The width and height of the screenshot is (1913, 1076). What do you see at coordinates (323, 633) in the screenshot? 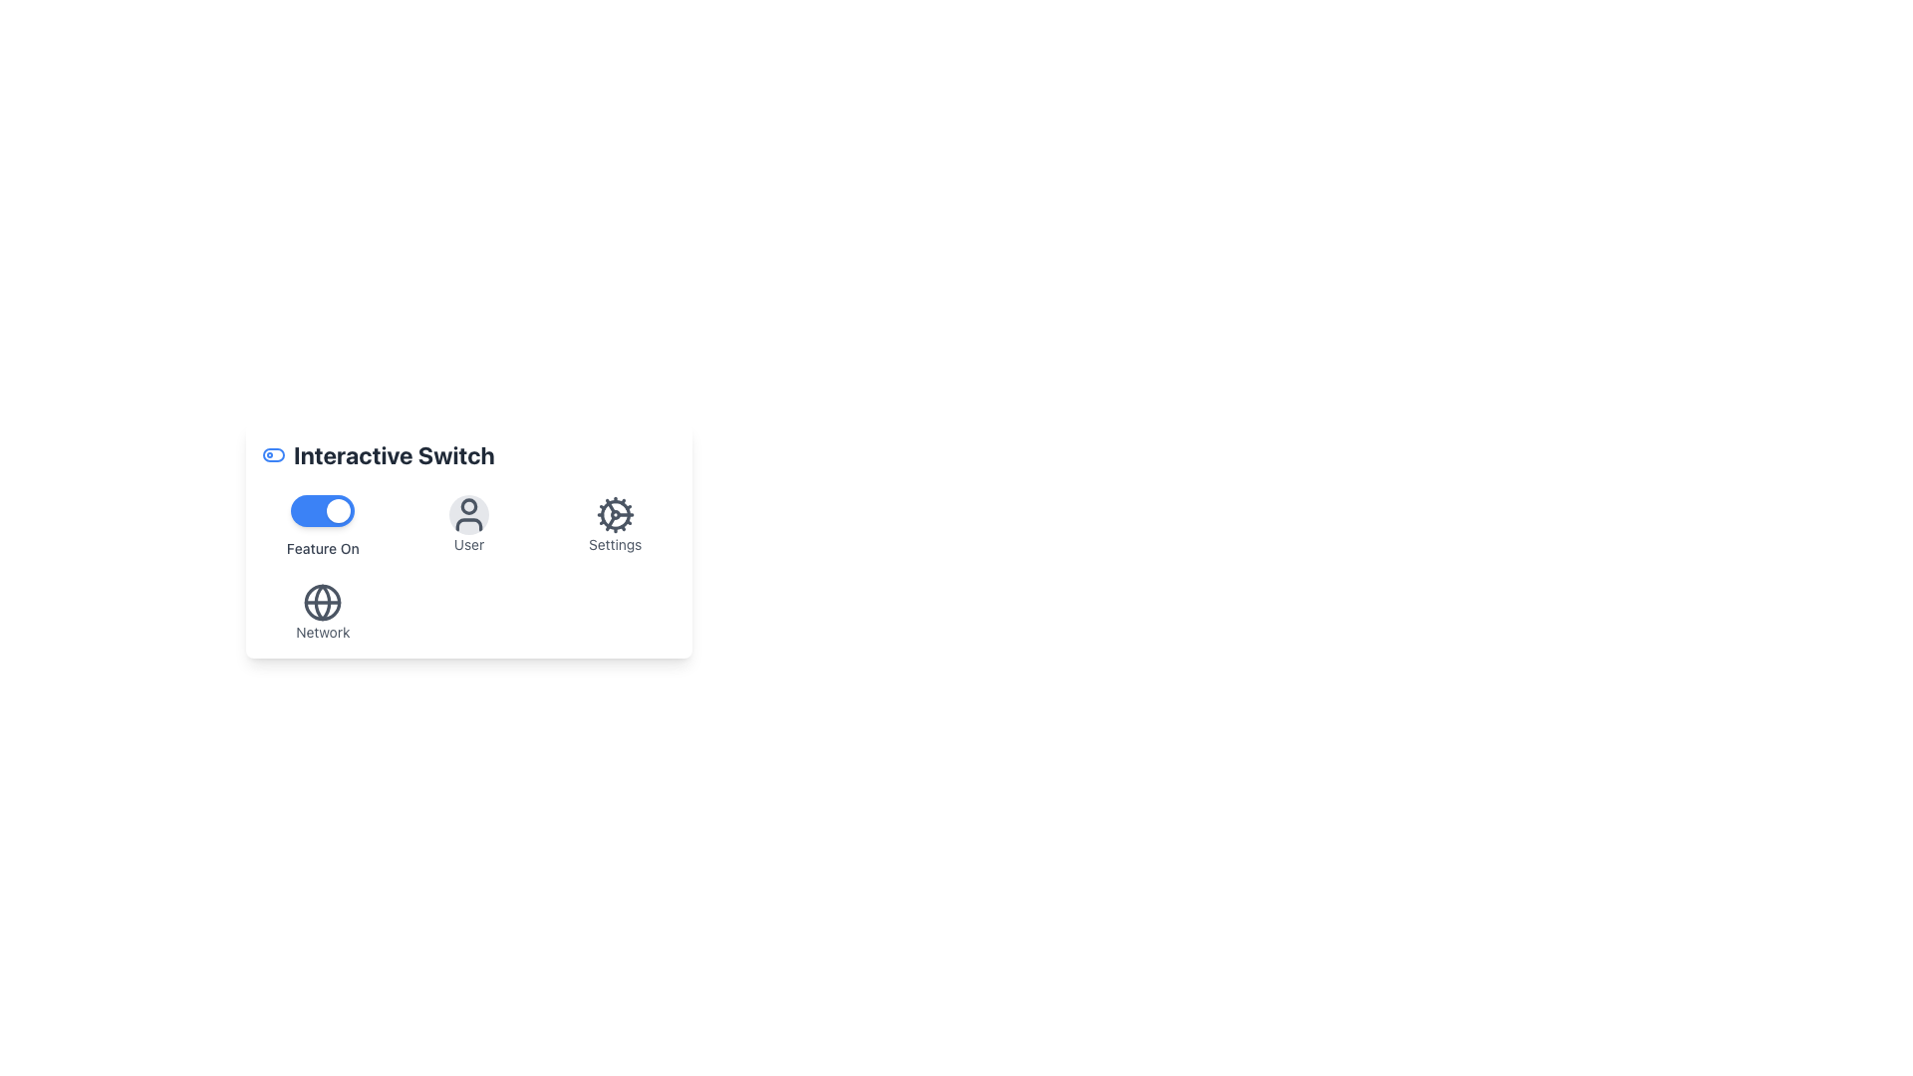
I see `the 'Network' text label, which is styled with a small font size and positioned beneath a globe icon in the bottom-left section of the interface` at bounding box center [323, 633].